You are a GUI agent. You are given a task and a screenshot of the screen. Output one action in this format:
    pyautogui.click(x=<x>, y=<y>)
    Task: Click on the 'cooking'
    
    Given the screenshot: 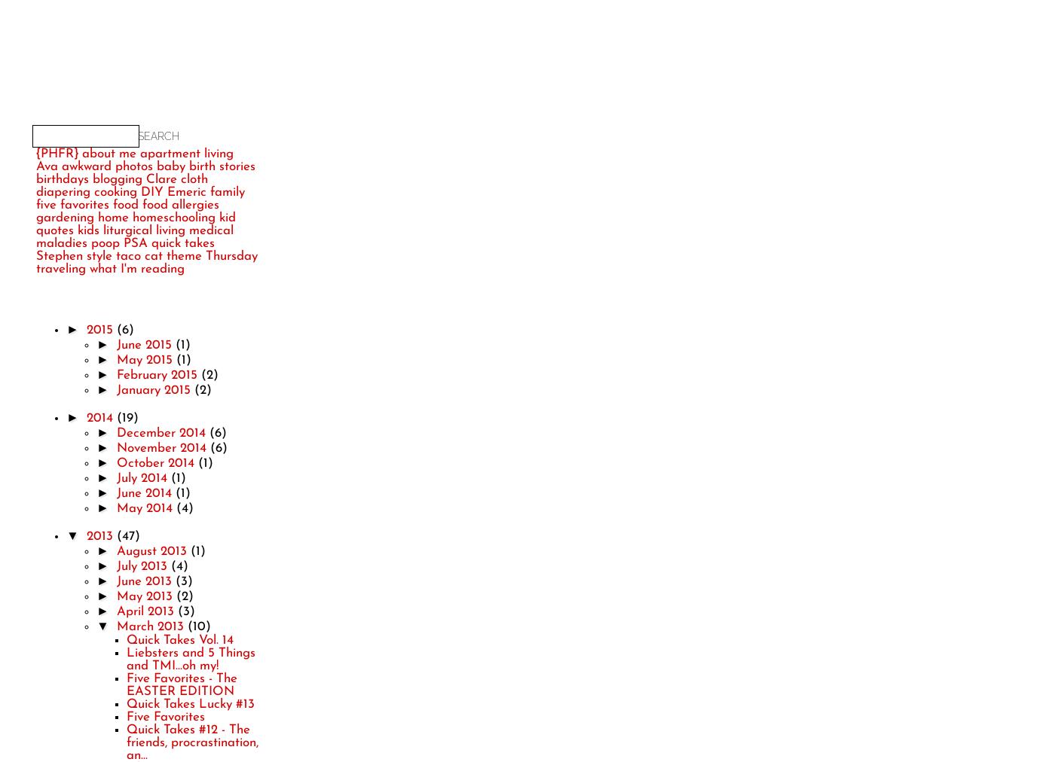 What is the action you would take?
    pyautogui.click(x=115, y=191)
    